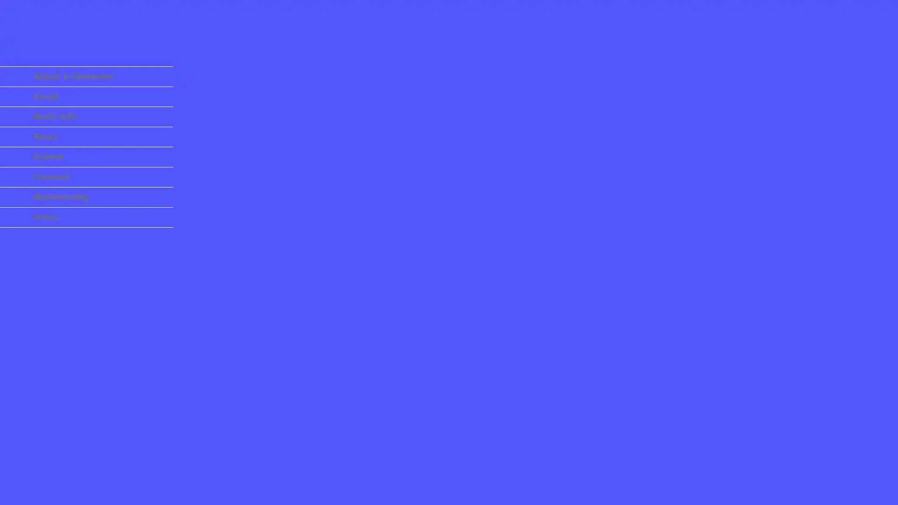 This screenshot has height=505, width=898. I want to click on U+09AF, so click(205, 327).